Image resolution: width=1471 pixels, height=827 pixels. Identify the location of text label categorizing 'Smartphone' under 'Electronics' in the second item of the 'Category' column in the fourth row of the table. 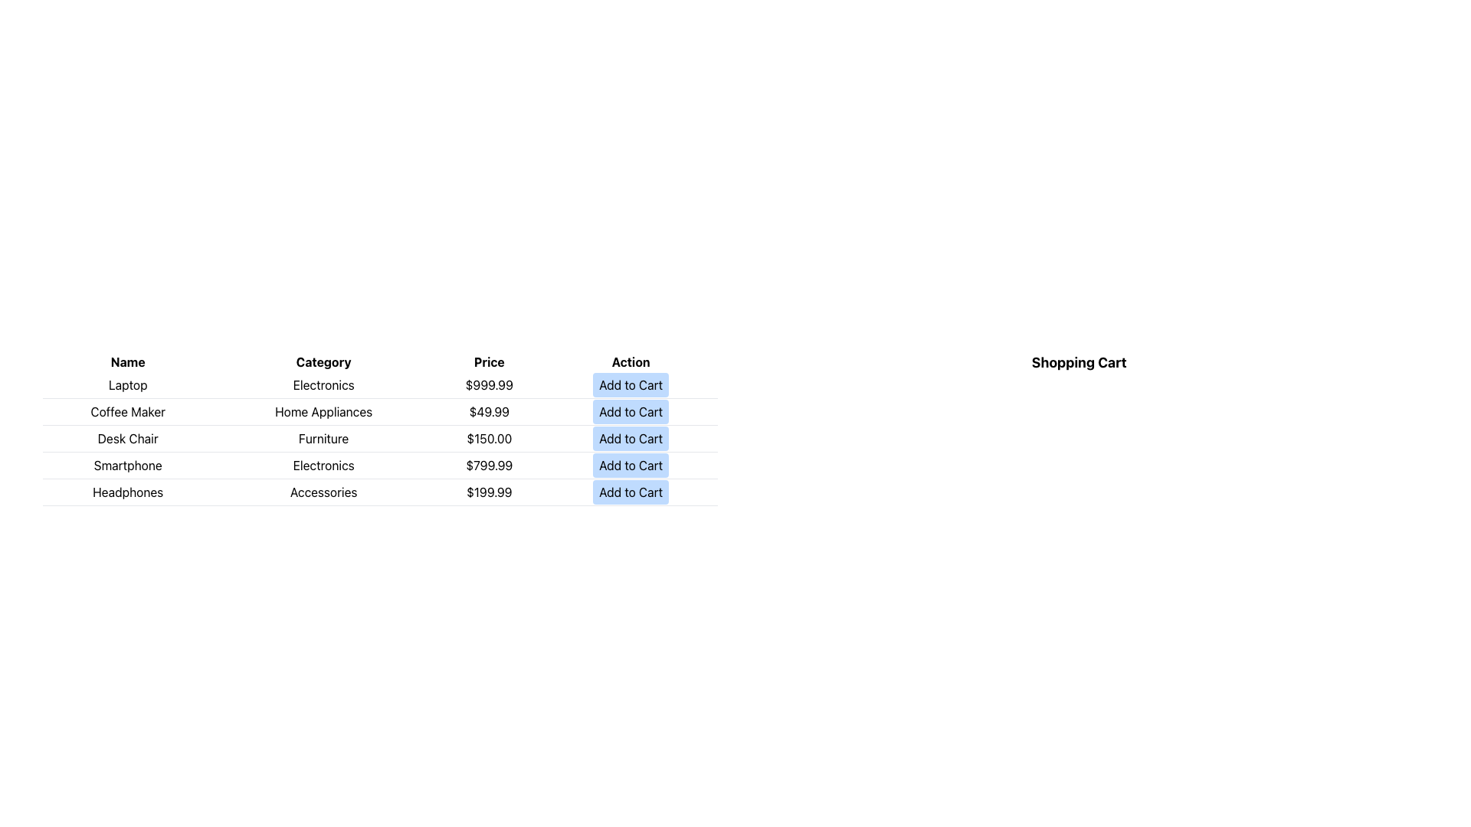
(323, 465).